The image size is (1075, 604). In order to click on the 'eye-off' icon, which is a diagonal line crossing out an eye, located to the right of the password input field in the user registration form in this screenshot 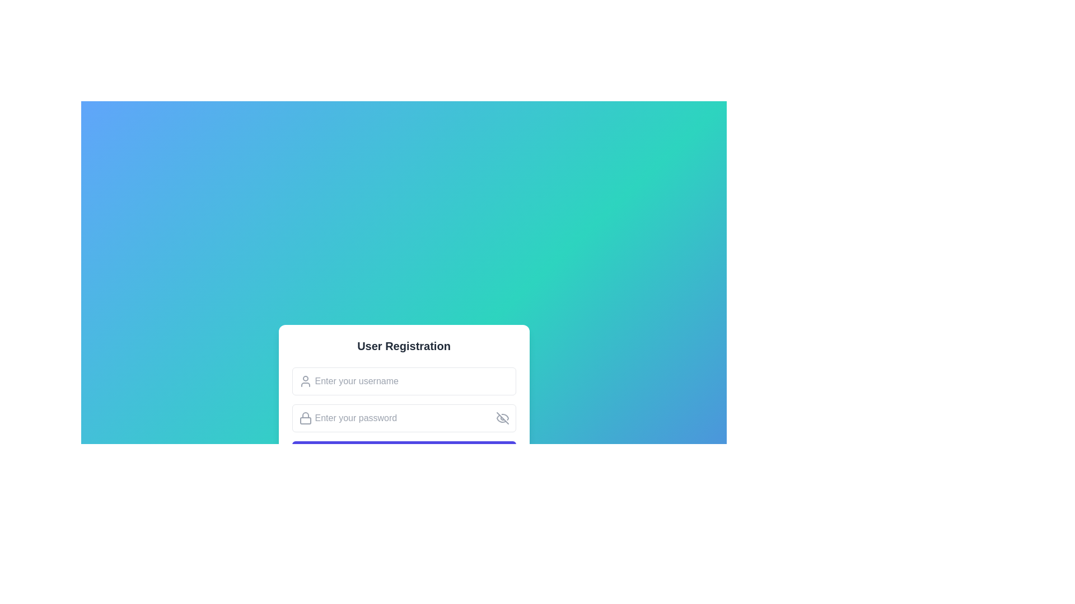, I will do `click(502, 418)`.